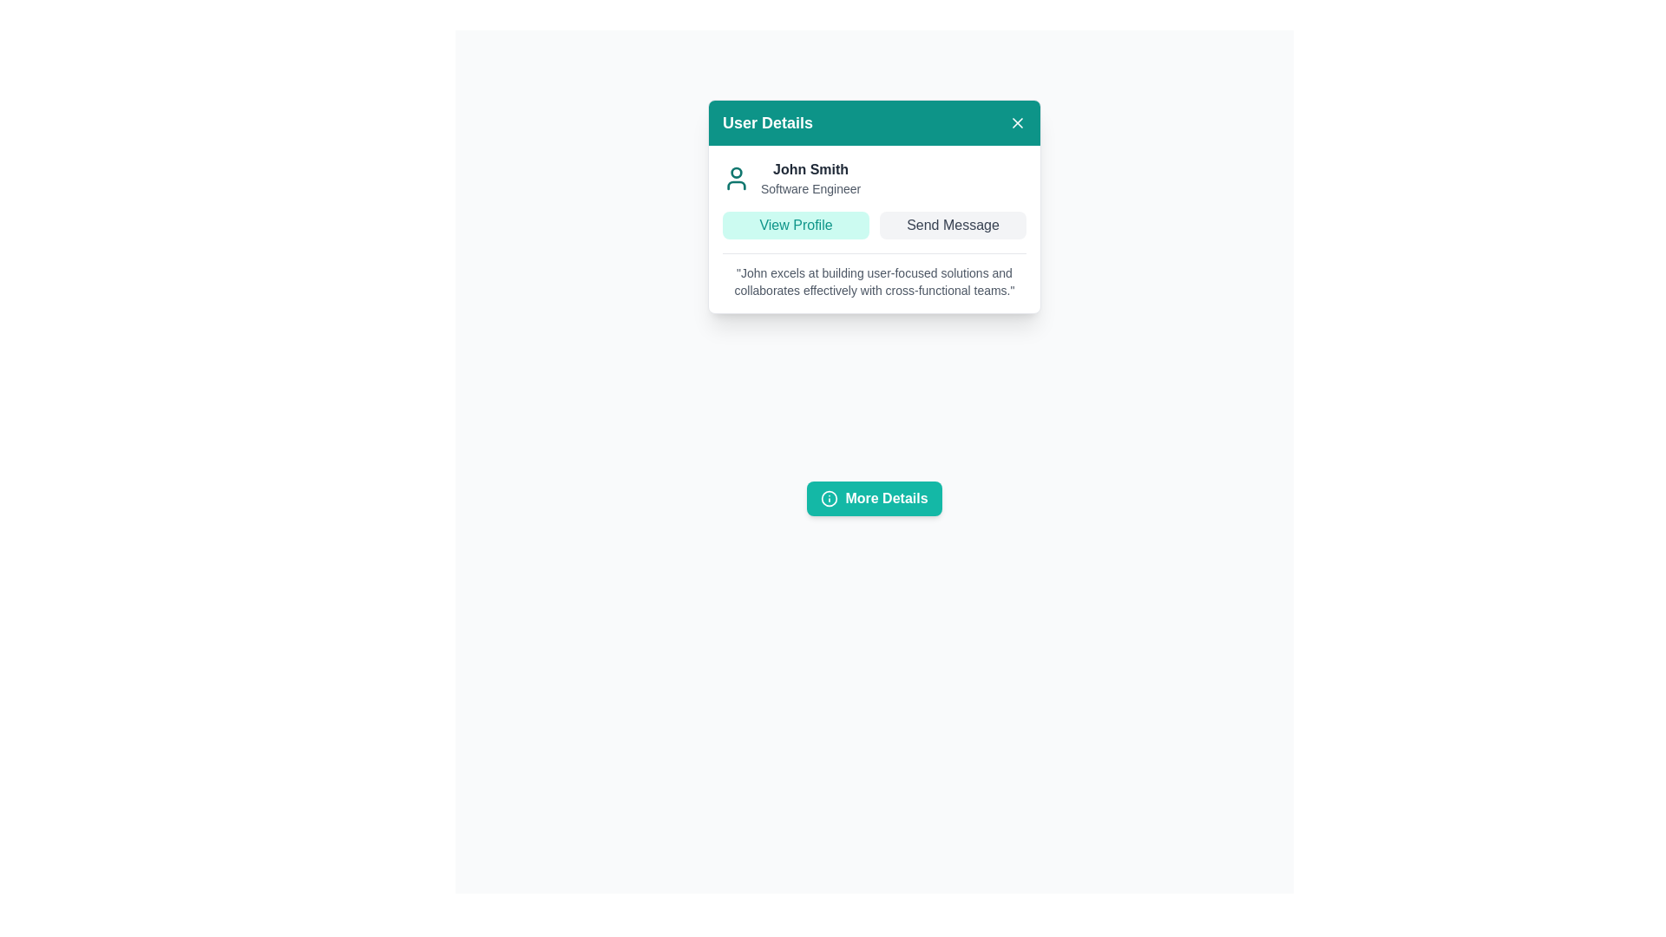  I want to click on the circular decorative graphical element within the 'More Details' button, which is filled with teal and has a white border, so click(829, 498).